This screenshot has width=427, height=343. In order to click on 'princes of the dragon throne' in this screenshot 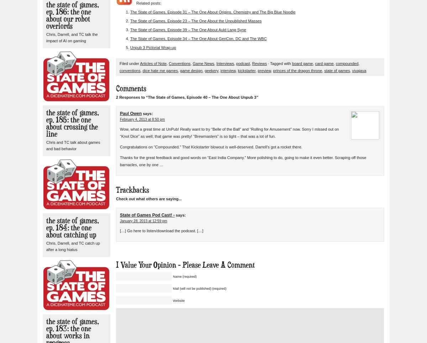, I will do `click(297, 70)`.